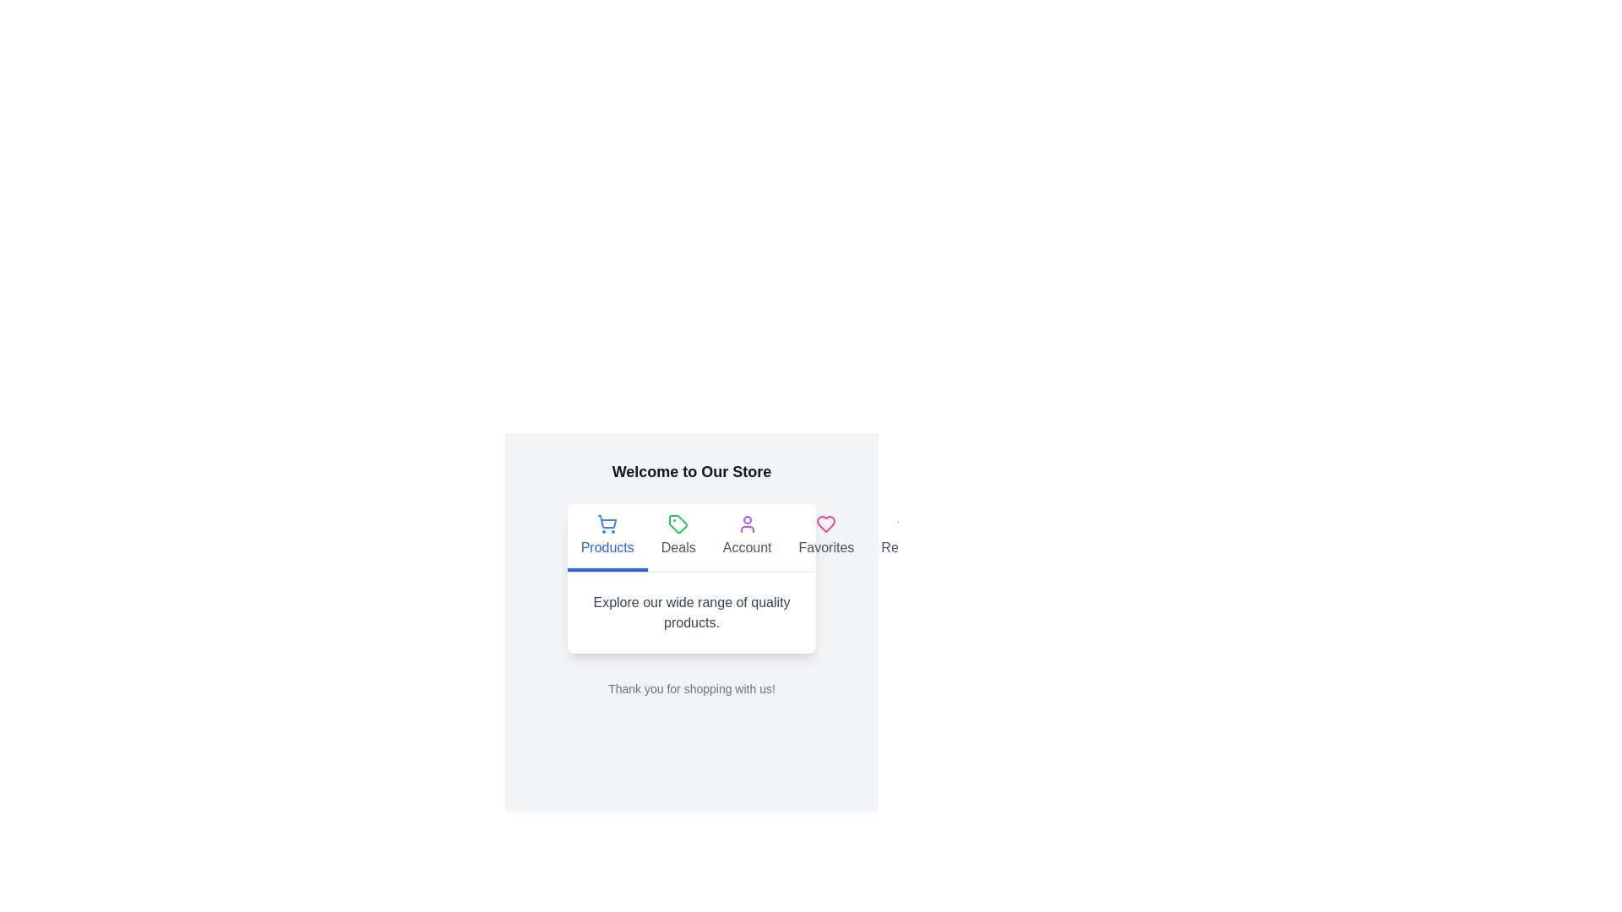 The width and height of the screenshot is (1622, 912). Describe the element at coordinates (746, 536) in the screenshot. I see `the 'Account' button in the navigation menu, positioned between 'Deals' and 'Favorites', which is a non-interactive button displaying an icon and text` at that location.